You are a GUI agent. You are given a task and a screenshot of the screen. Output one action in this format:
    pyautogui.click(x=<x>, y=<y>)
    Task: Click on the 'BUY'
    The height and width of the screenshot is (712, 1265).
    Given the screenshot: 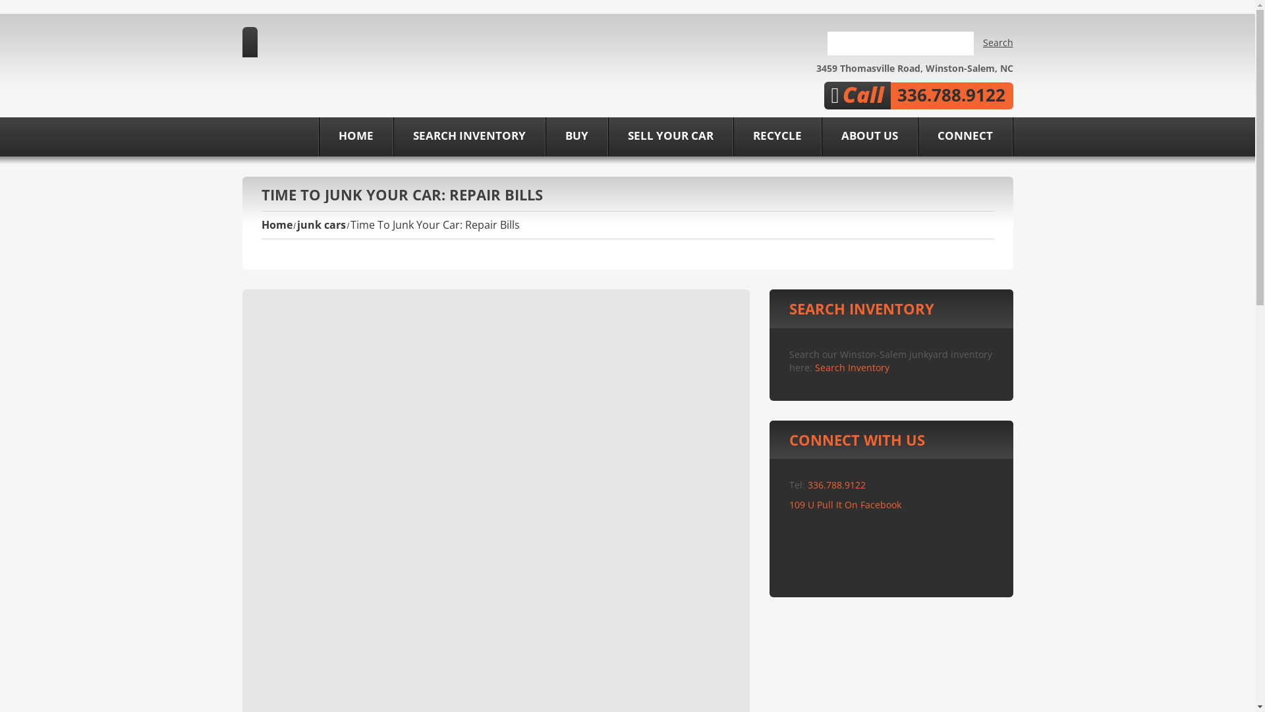 What is the action you would take?
    pyautogui.click(x=546, y=136)
    